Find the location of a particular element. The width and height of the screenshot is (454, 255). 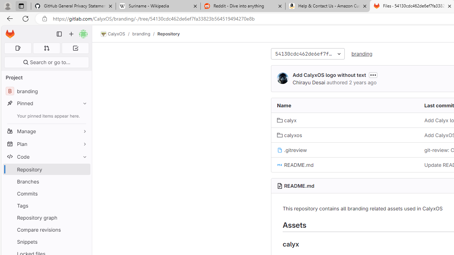

'Pinned' is located at coordinates (46, 103).